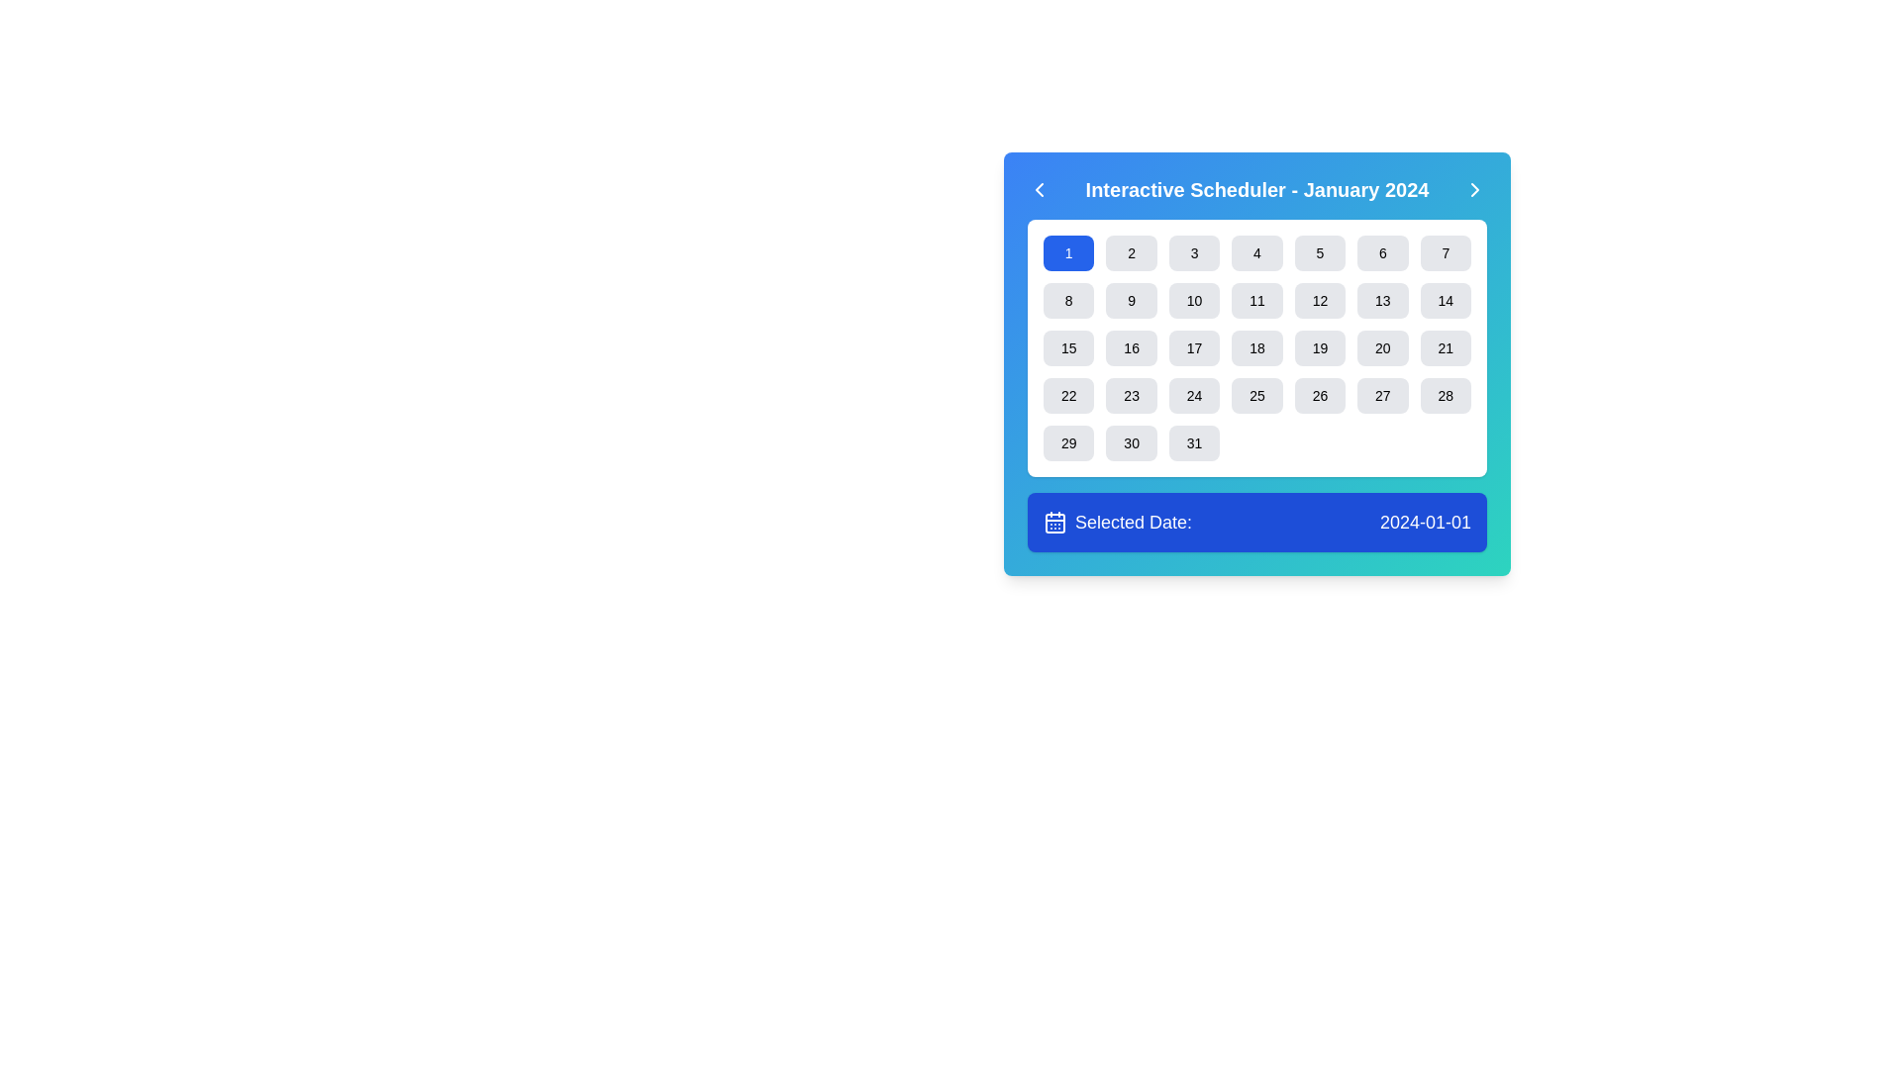  I want to click on the text label 'Interactive Scheduler - January 2024' located in the header of the scheduling interface, so click(1256, 190).